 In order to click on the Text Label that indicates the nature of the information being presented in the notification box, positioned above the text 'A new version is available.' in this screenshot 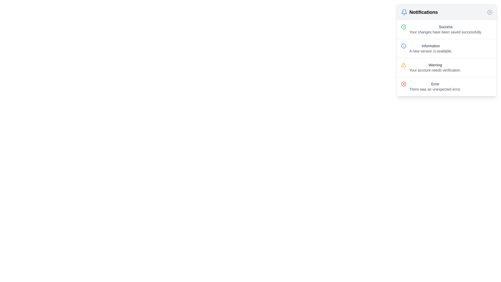, I will do `click(431, 46)`.